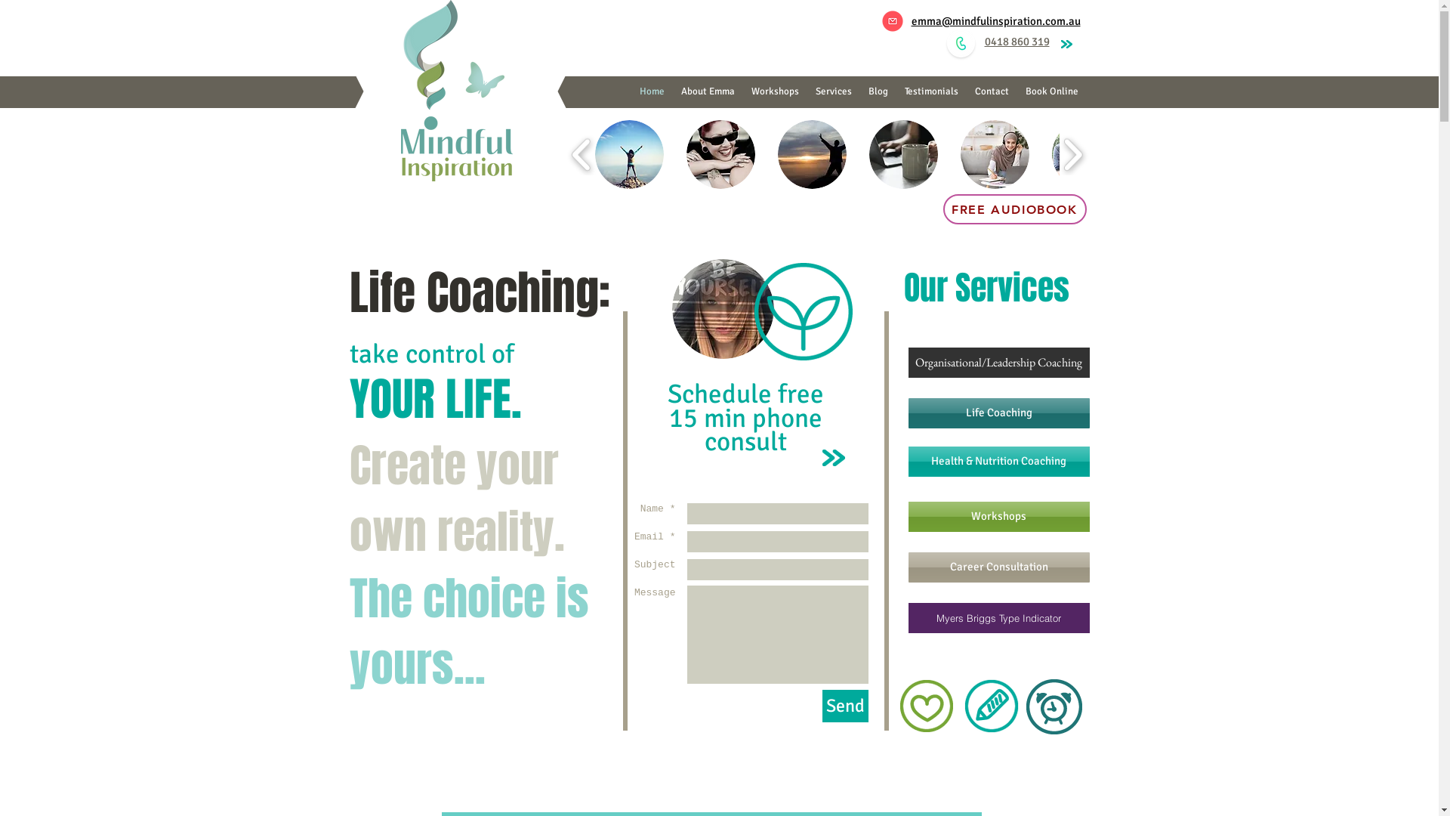  I want to click on 'FREE AUDIOBOOK', so click(1014, 209).